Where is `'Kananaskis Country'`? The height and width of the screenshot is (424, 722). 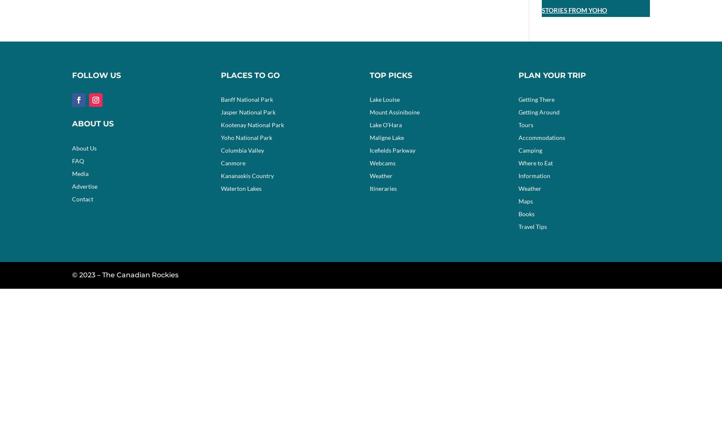
'Kananaskis Country' is located at coordinates (247, 176).